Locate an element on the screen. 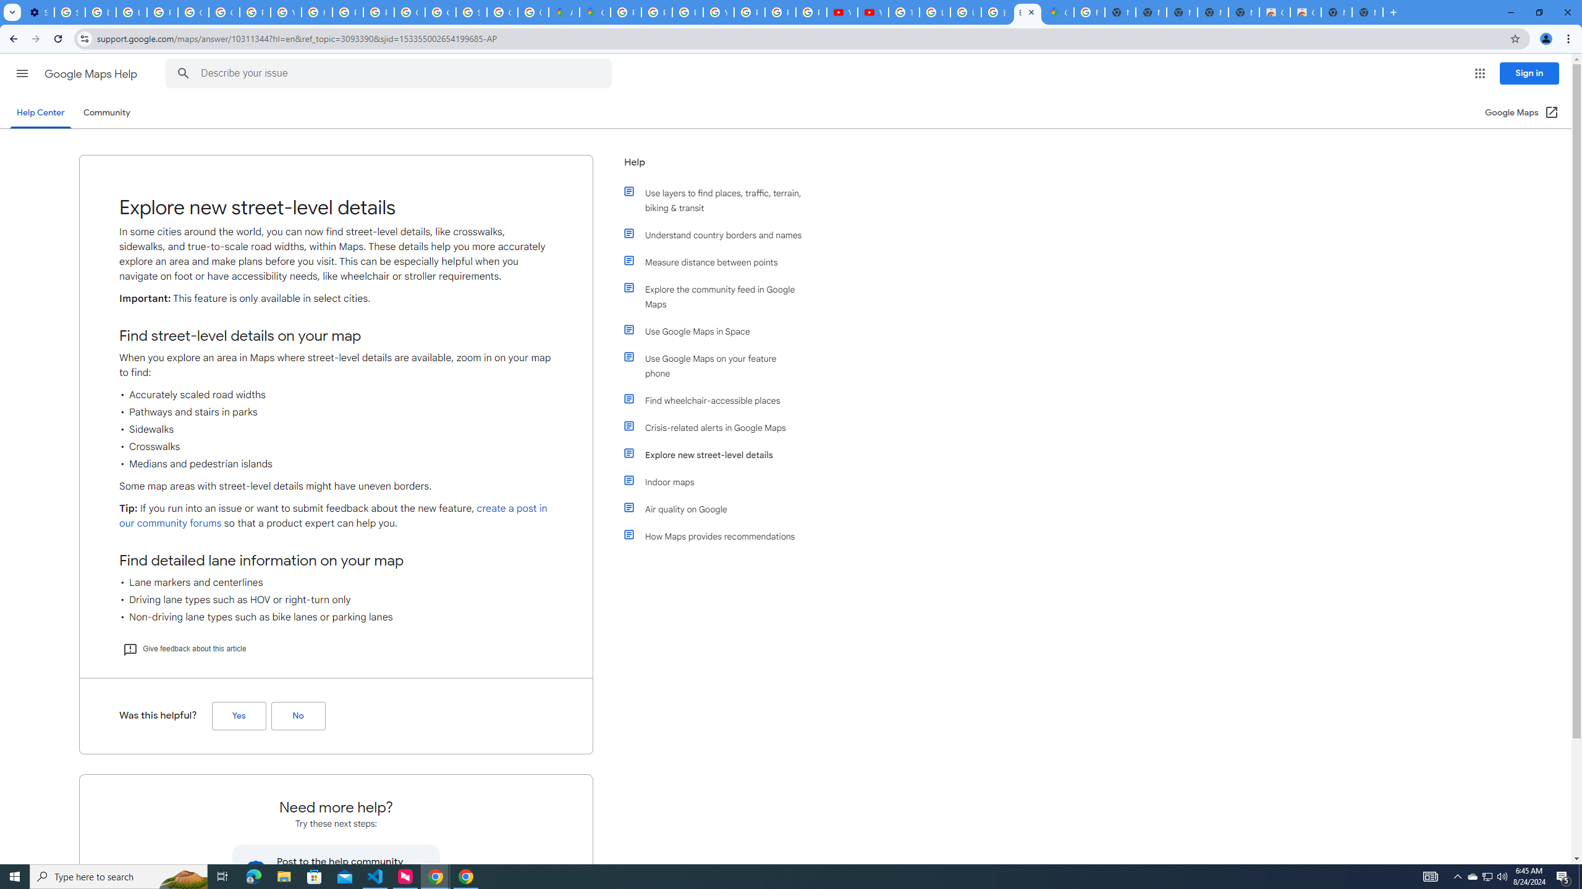 The height and width of the screenshot is (889, 1582). 'YouTube' is located at coordinates (873, 12).